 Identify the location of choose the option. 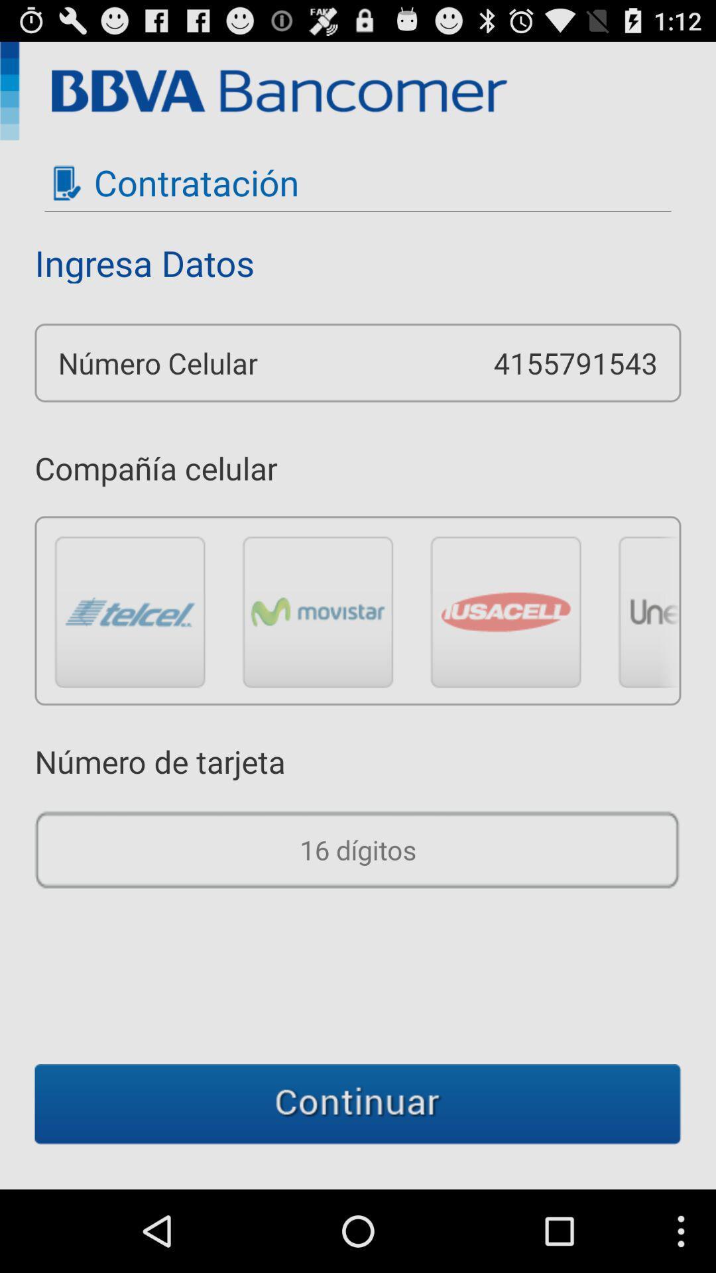
(130, 611).